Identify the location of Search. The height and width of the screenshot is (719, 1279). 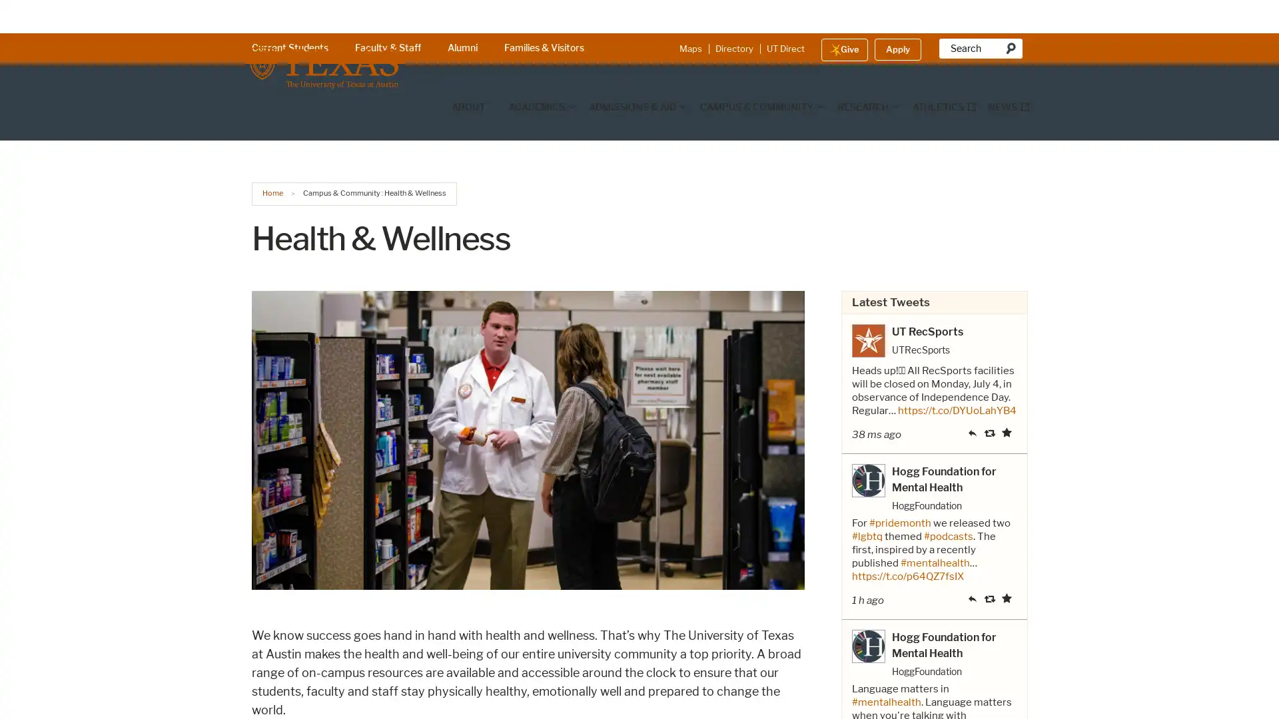
(1010, 15).